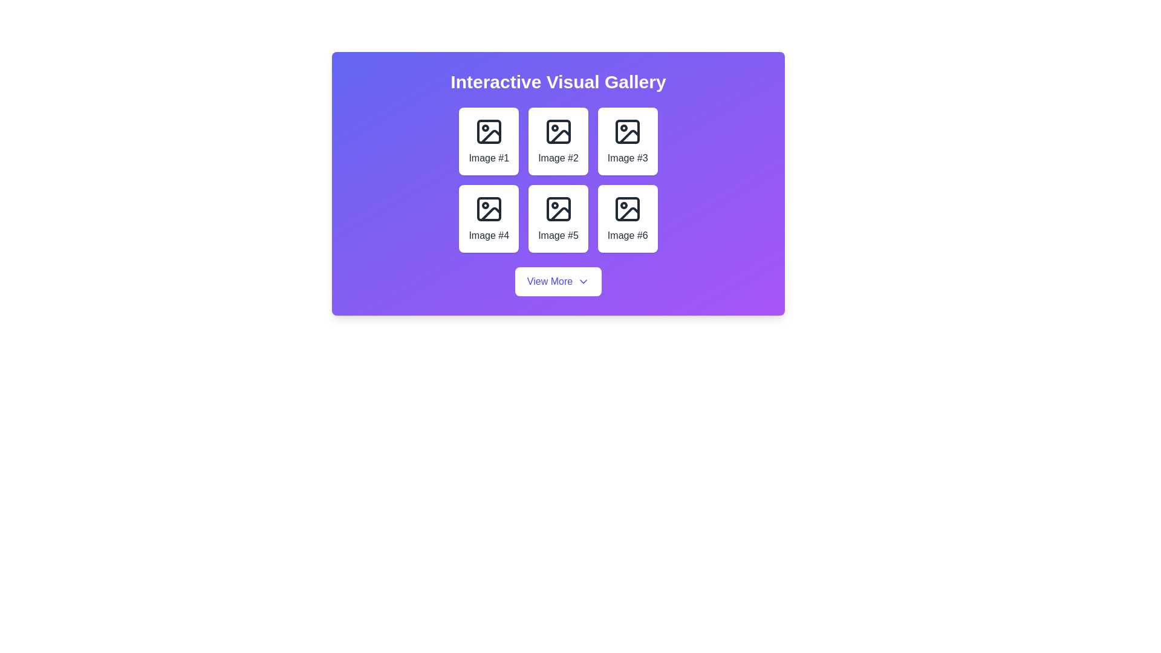  Describe the element at coordinates (628, 209) in the screenshot. I see `the visual appearance of the rectangular icon with rounded corners representing 'Image #6' located in the bottom-right position of the gallery` at that location.